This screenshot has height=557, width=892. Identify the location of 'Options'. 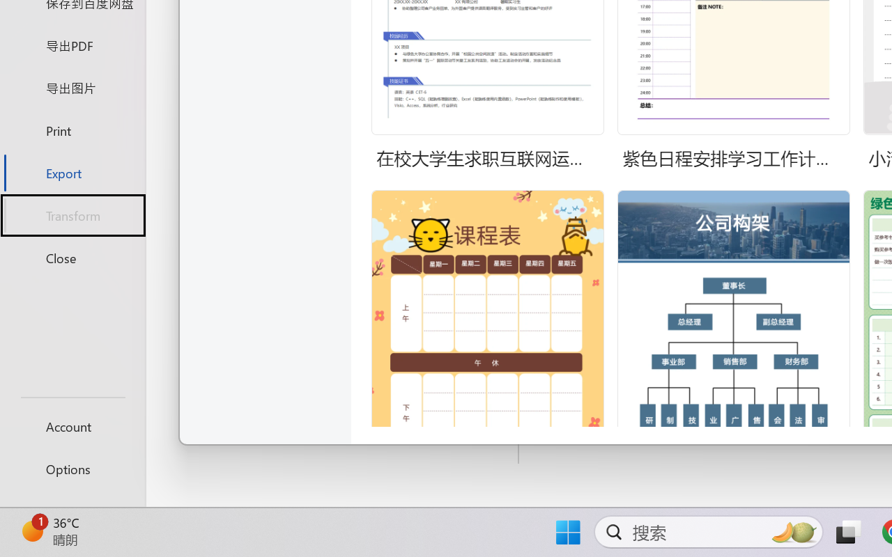
(72, 469).